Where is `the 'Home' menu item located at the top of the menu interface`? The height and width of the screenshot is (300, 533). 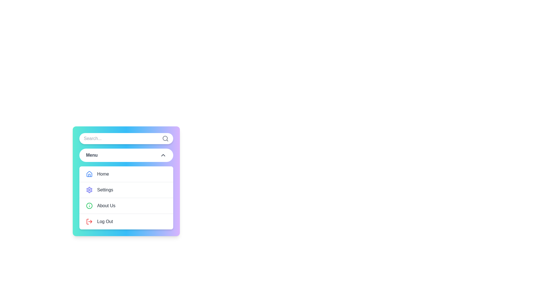 the 'Home' menu item located at the top of the menu interface is located at coordinates (126, 181).